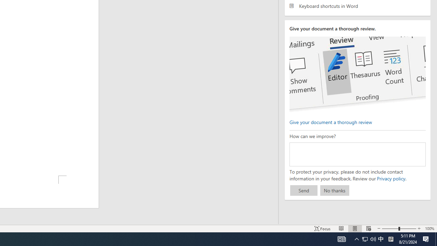 This screenshot has height=246, width=437. What do you see at coordinates (335, 190) in the screenshot?
I see `'No thanks'` at bounding box center [335, 190].